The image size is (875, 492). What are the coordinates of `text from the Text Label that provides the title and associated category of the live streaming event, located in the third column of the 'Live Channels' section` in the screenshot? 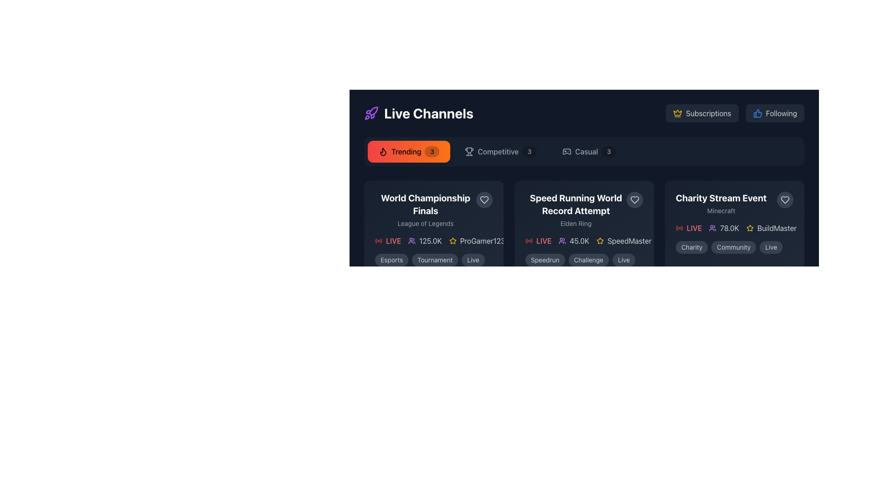 It's located at (721, 203).